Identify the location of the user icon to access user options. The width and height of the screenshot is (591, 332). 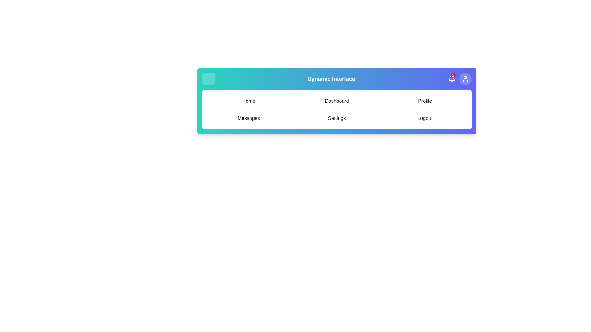
(465, 79).